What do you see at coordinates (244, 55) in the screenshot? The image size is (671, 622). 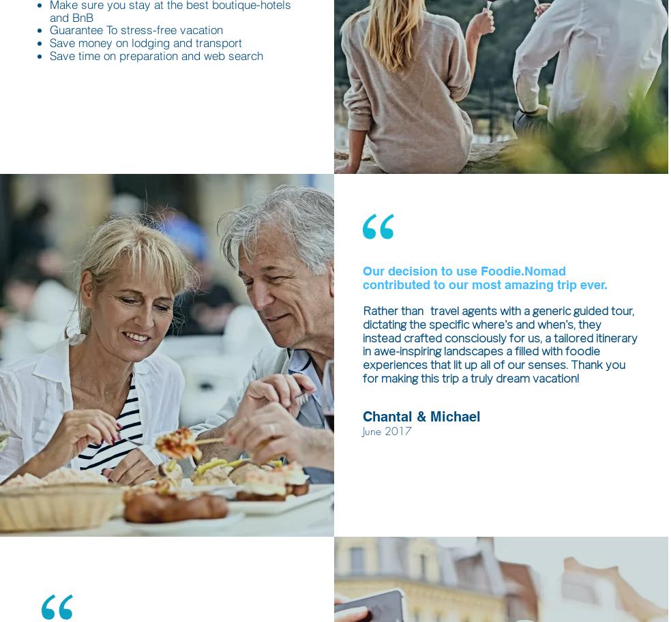 I see `'search'` at bounding box center [244, 55].